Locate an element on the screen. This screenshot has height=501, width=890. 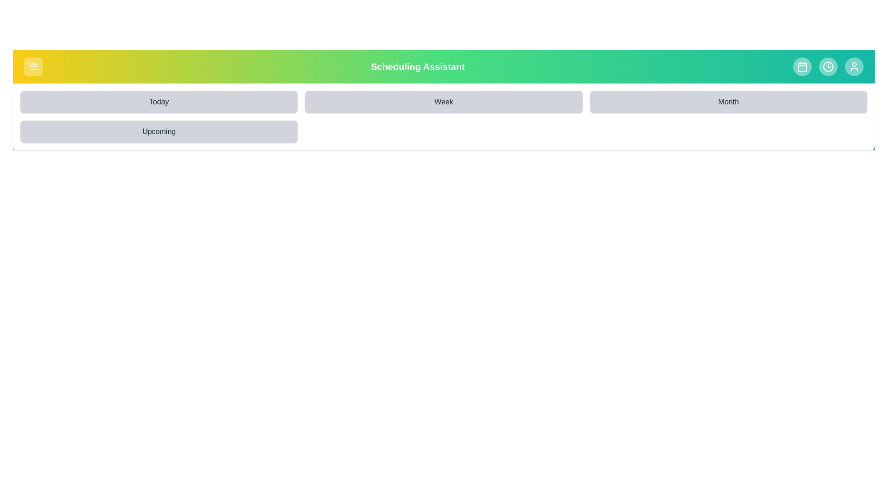
the button corresponding to the selected time period: Month is located at coordinates (727, 102).